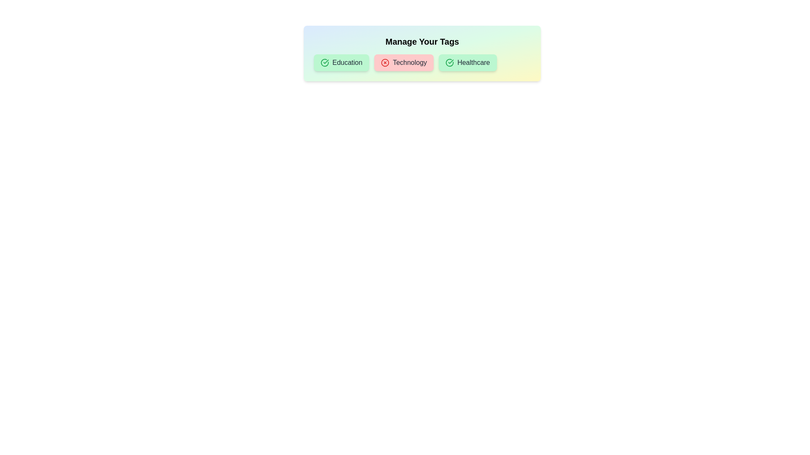  I want to click on the tag labeled Healthcare, so click(467, 62).